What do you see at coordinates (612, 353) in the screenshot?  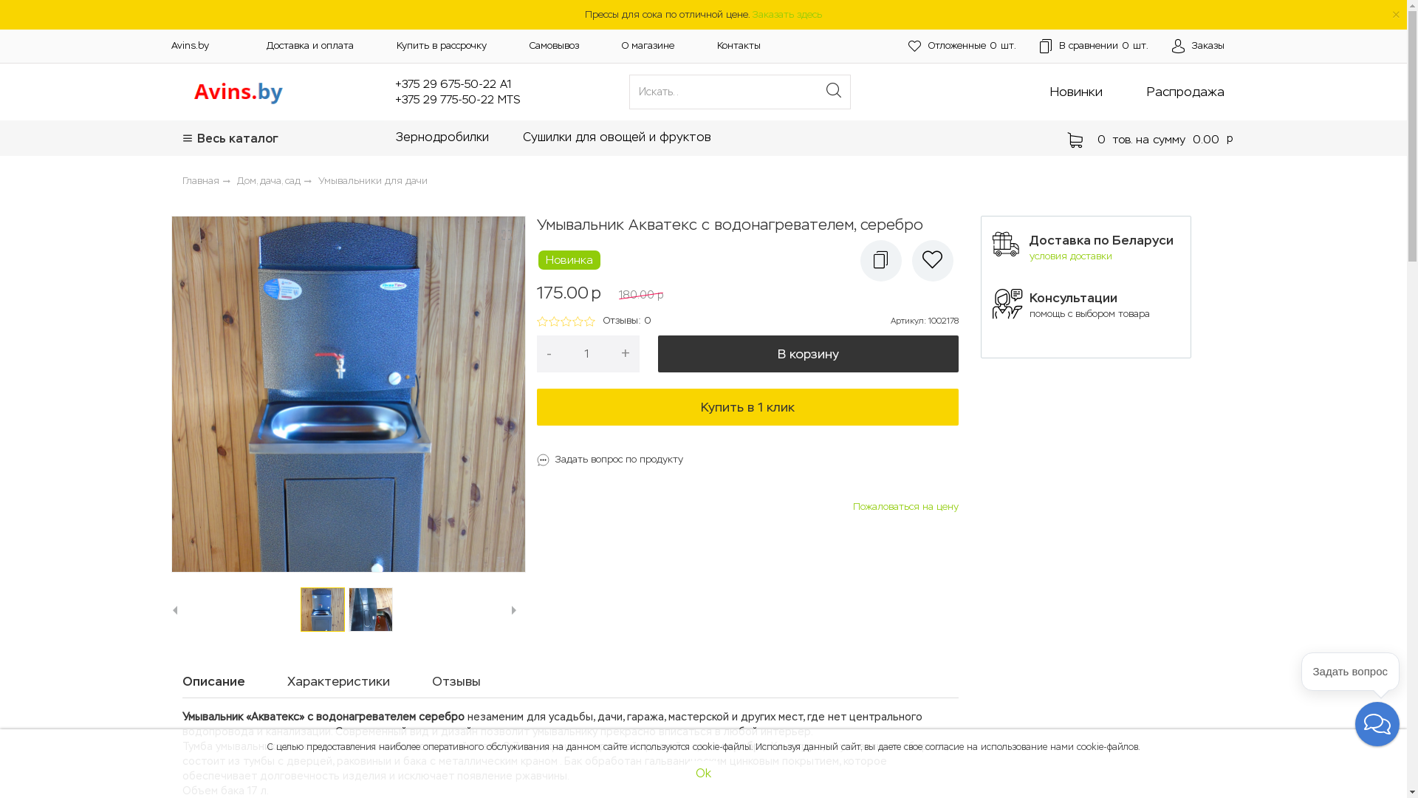 I see `'+'` at bounding box center [612, 353].